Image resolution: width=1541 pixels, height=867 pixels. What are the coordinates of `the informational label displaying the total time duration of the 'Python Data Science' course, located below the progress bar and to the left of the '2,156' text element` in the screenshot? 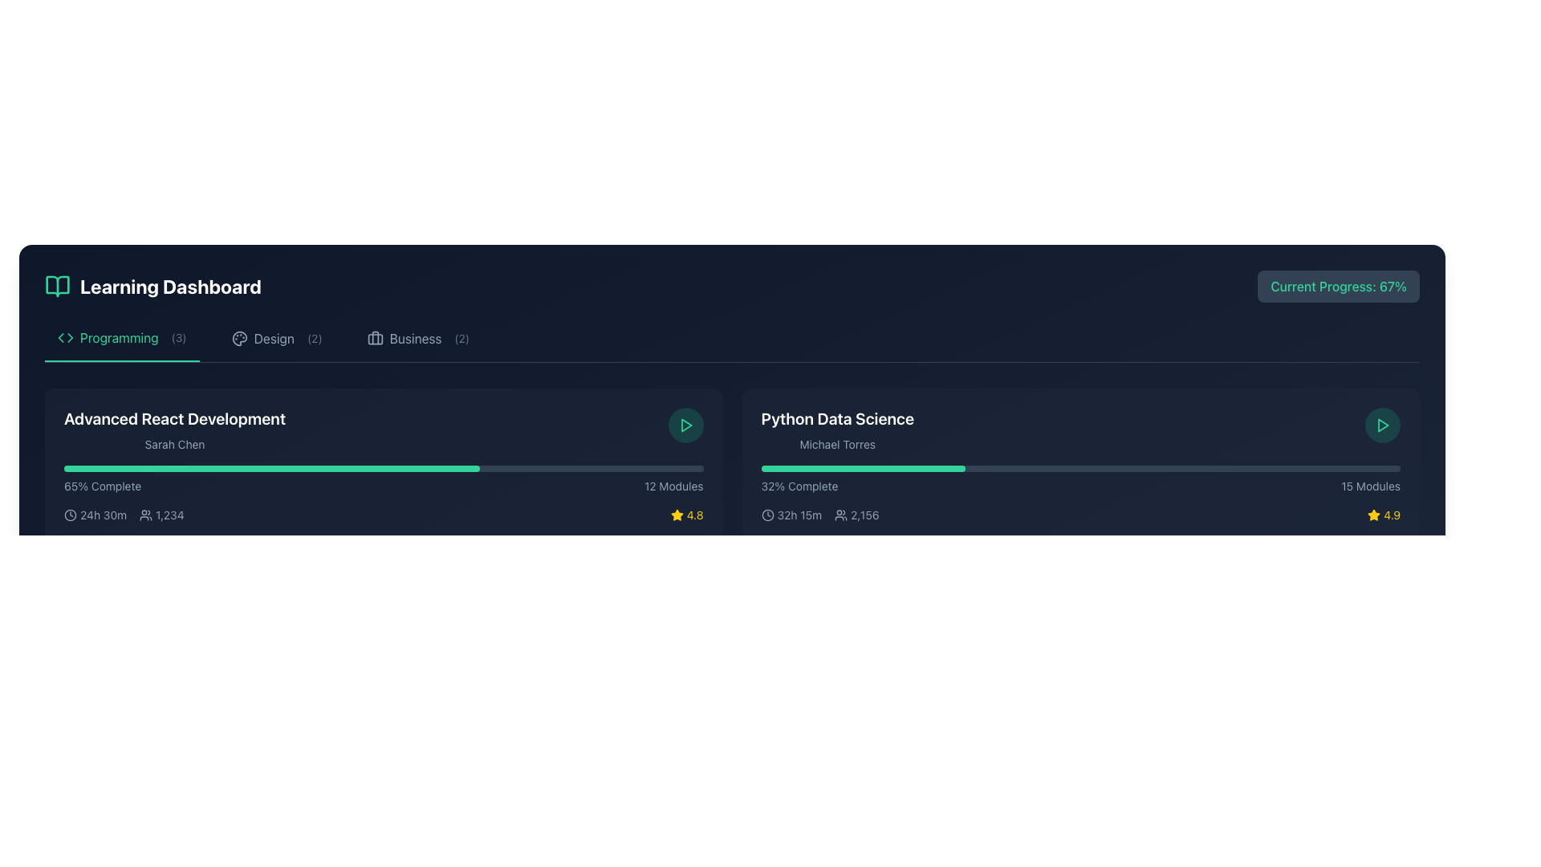 It's located at (791, 515).